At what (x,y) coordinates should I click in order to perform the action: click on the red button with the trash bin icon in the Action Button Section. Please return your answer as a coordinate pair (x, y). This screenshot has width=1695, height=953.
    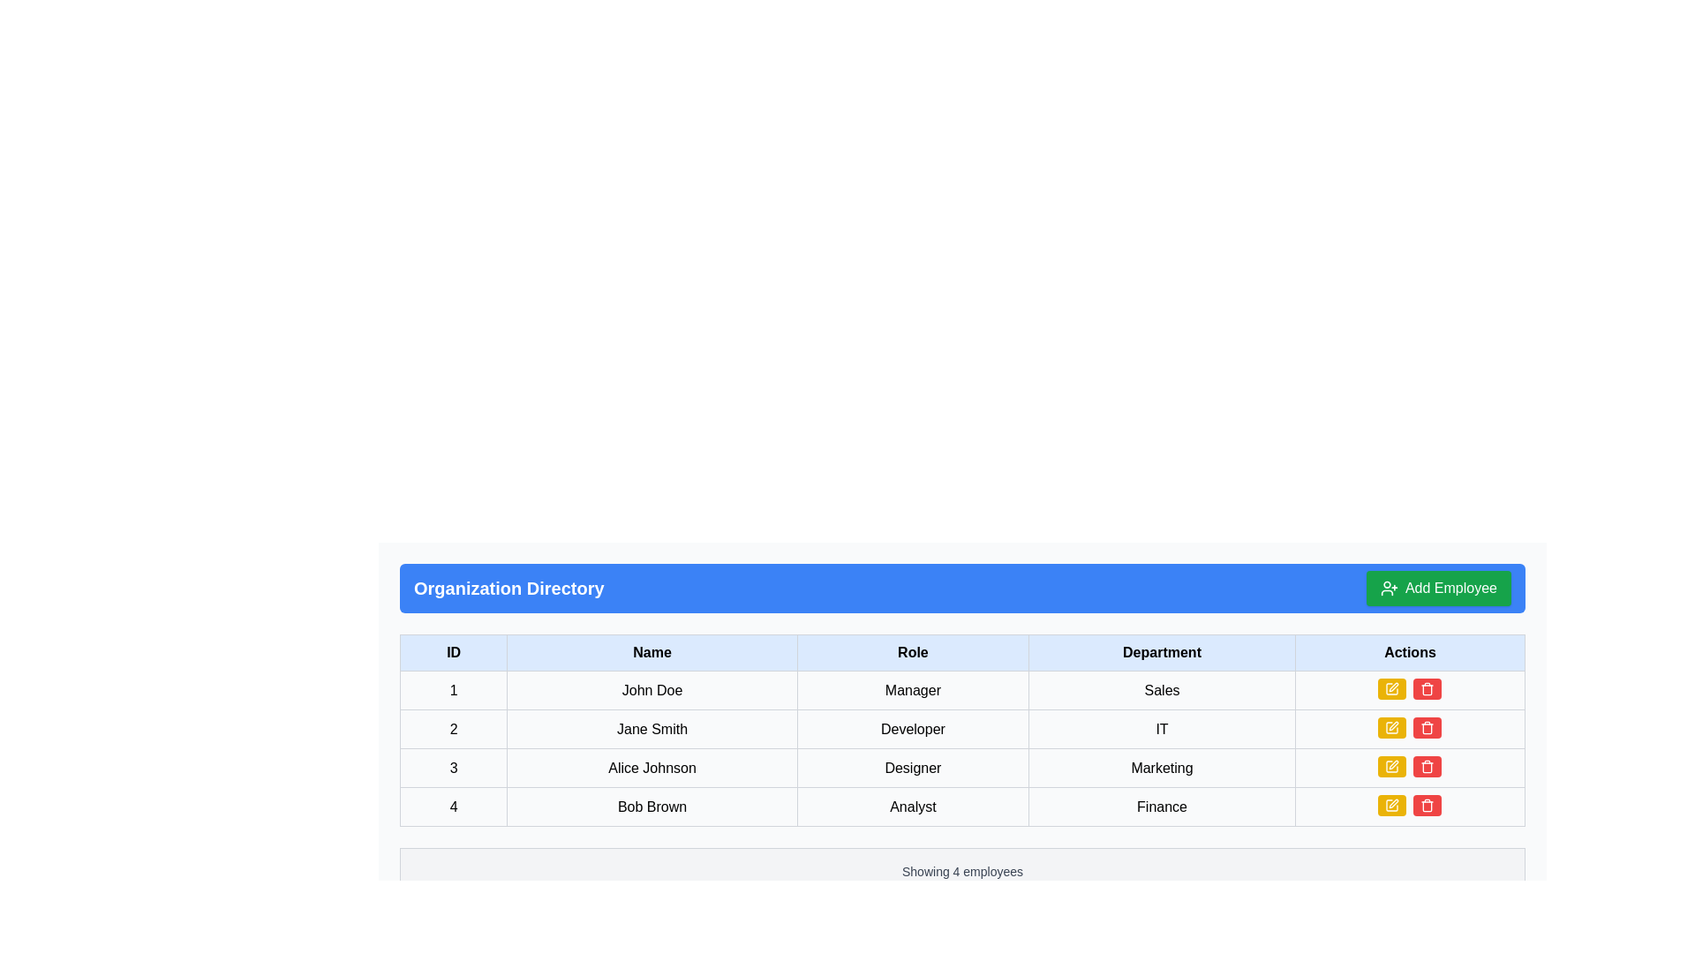
    Looking at the image, I should click on (1409, 807).